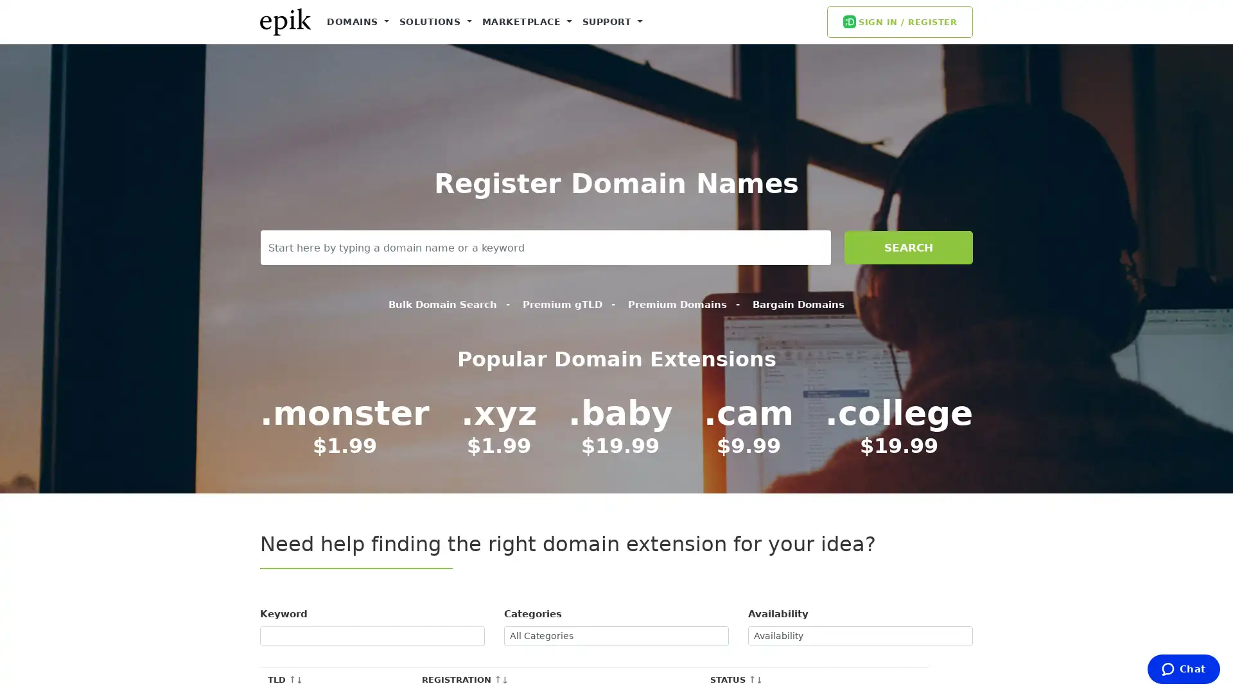 The height and width of the screenshot is (693, 1233). Describe the element at coordinates (908, 247) in the screenshot. I see `SEARCH` at that location.